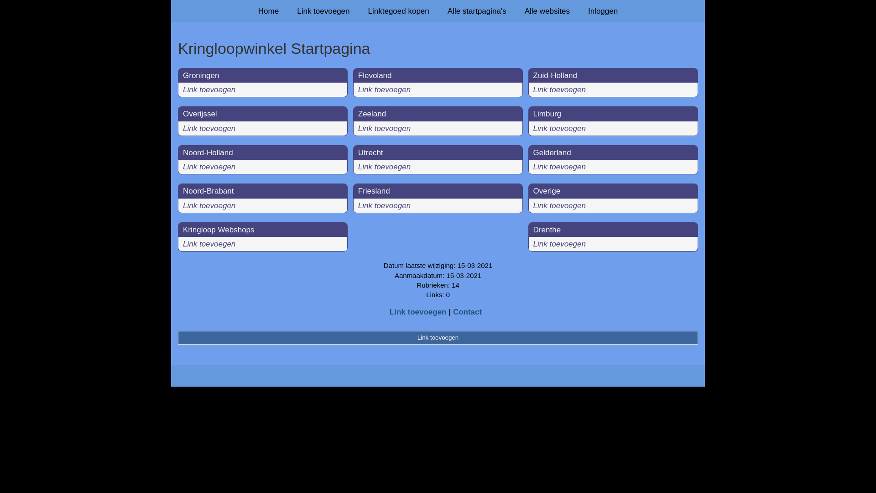  Describe the element at coordinates (199, 113) in the screenshot. I see `'Overijssel'` at that location.